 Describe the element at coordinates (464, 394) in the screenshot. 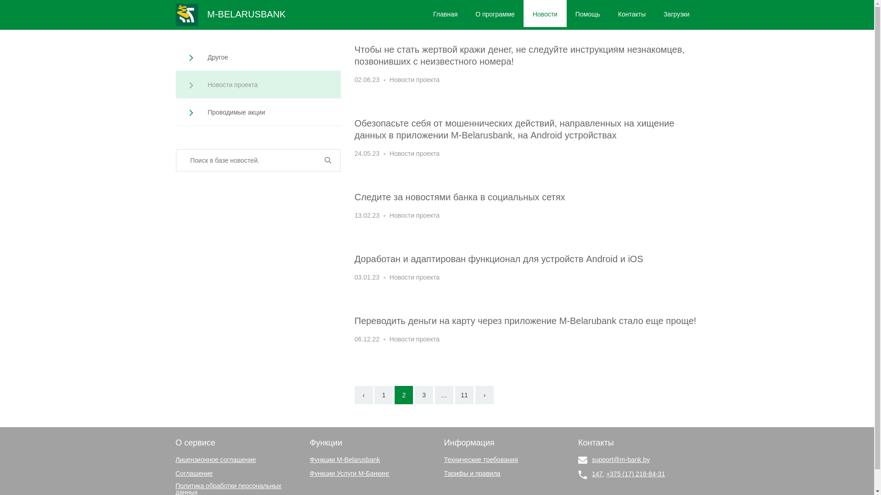

I see `'11'` at that location.